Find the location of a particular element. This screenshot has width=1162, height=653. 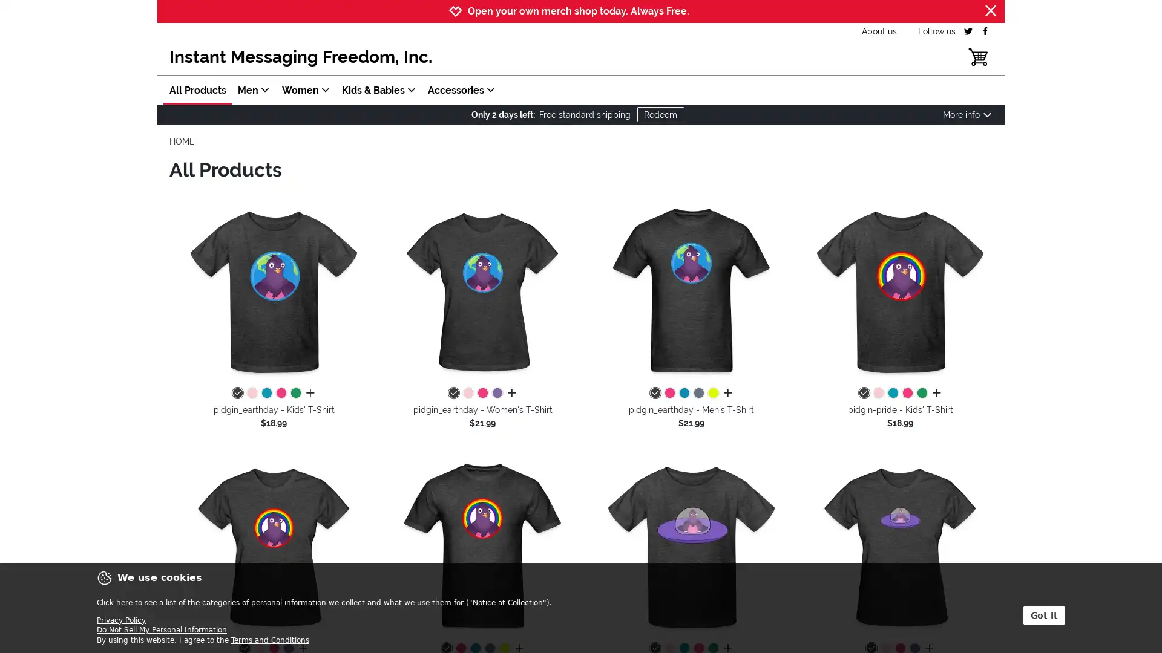

Redeem is located at coordinates (659, 114).